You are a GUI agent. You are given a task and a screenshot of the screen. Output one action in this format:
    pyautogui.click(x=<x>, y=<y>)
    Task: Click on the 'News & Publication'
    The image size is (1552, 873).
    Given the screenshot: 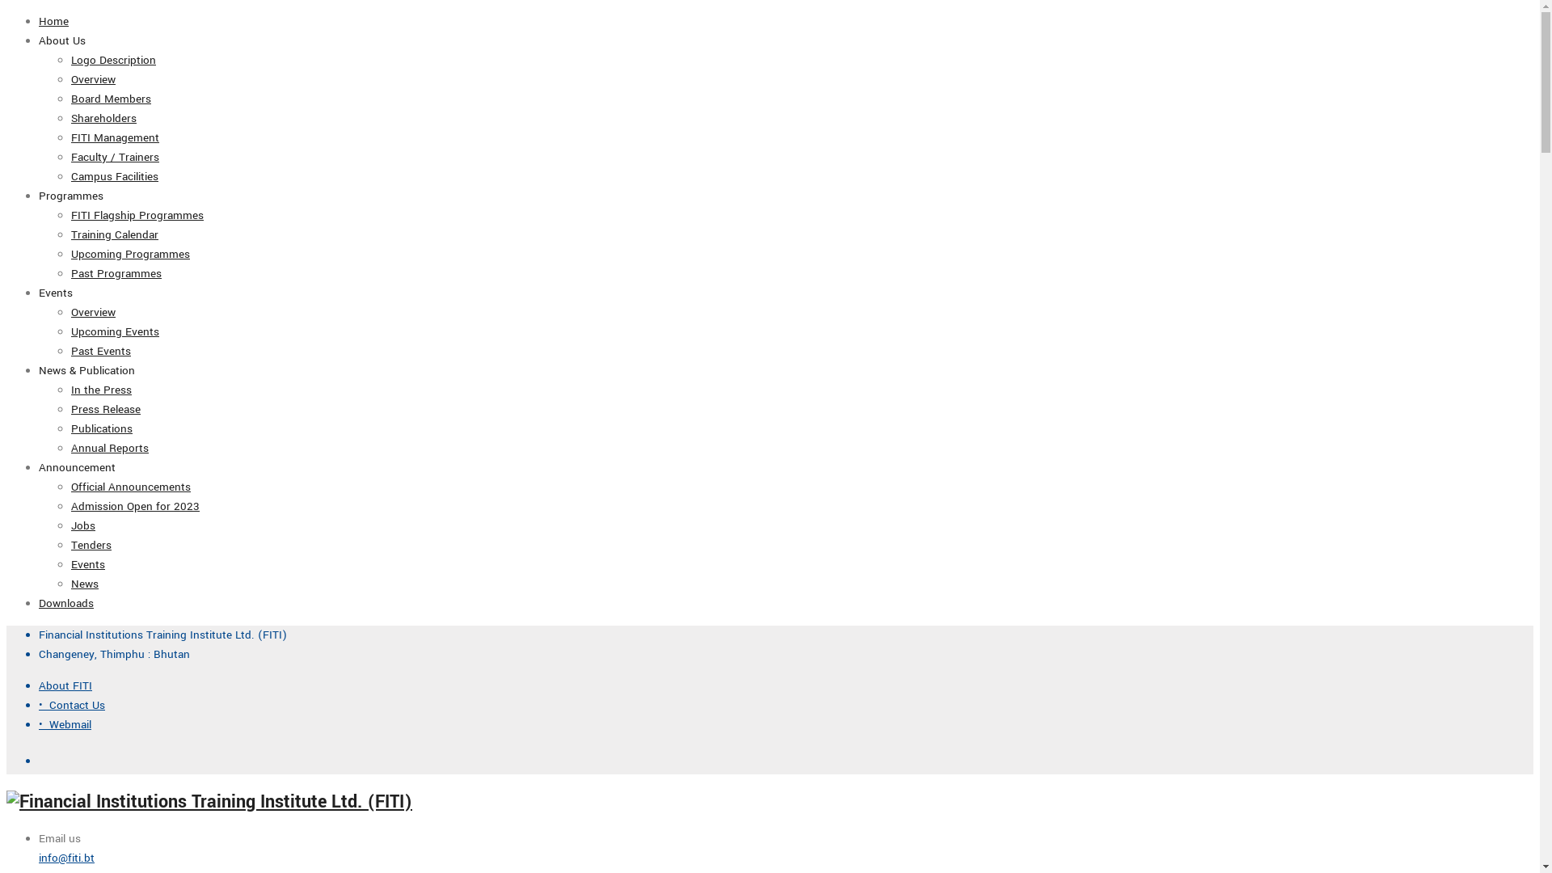 What is the action you would take?
    pyautogui.click(x=86, y=370)
    